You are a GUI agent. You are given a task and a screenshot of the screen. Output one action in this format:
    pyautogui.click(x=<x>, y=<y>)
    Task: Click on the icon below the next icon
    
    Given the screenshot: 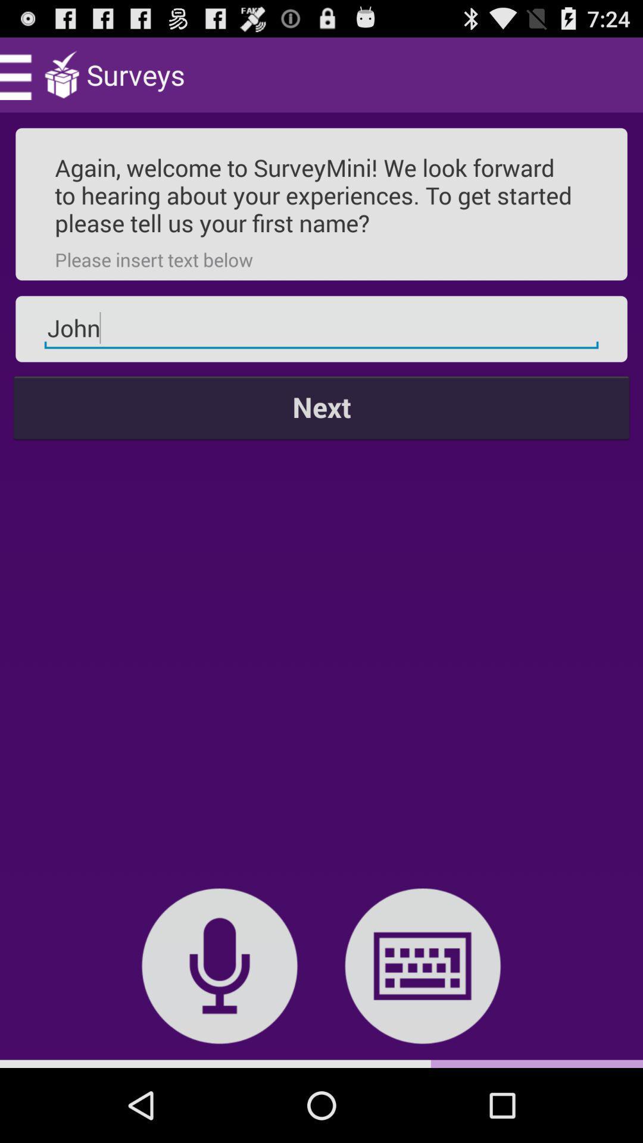 What is the action you would take?
    pyautogui.click(x=220, y=966)
    